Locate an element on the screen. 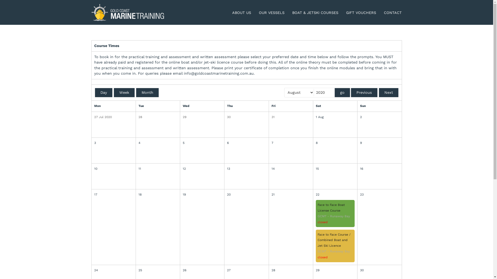  'Week' is located at coordinates (124, 92).